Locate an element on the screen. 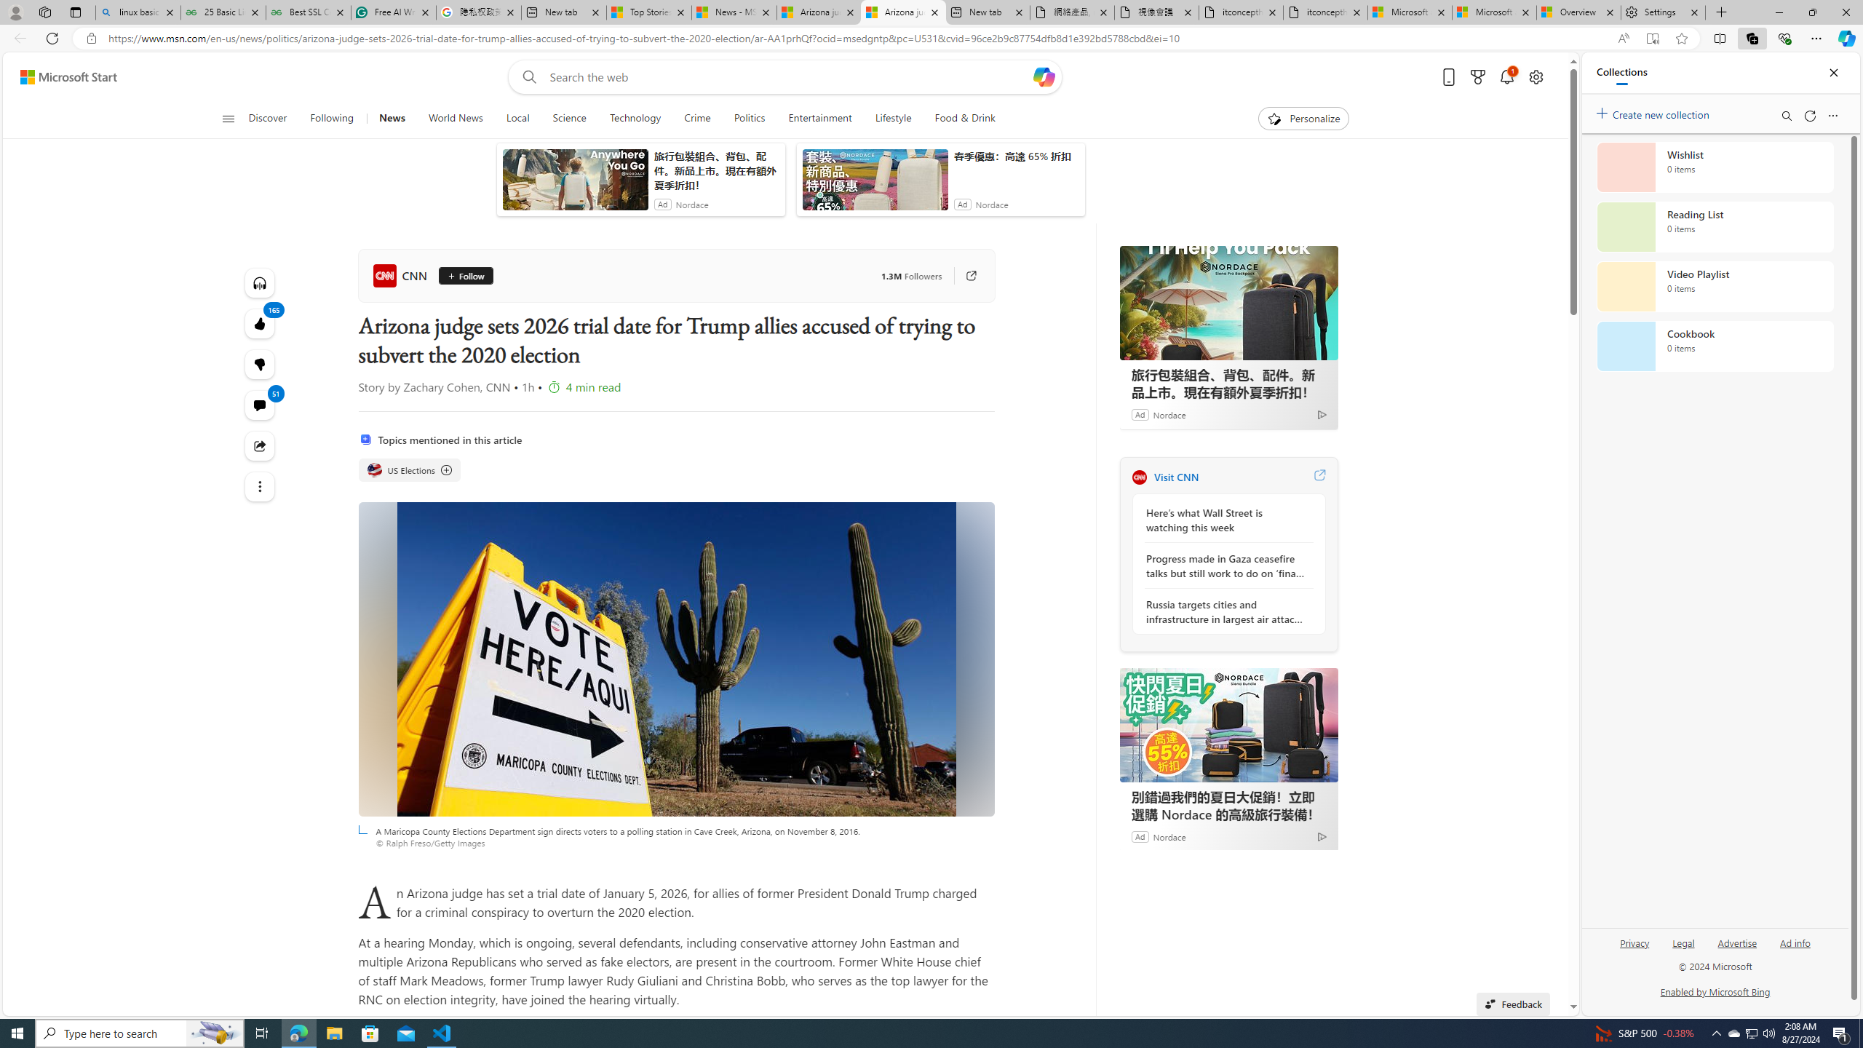  'Privacy' is located at coordinates (1634, 942).